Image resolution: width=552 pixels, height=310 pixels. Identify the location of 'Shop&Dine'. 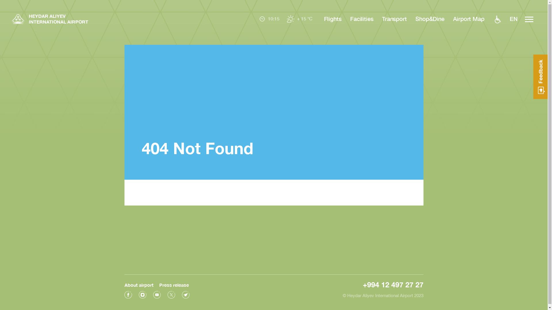
(415, 18).